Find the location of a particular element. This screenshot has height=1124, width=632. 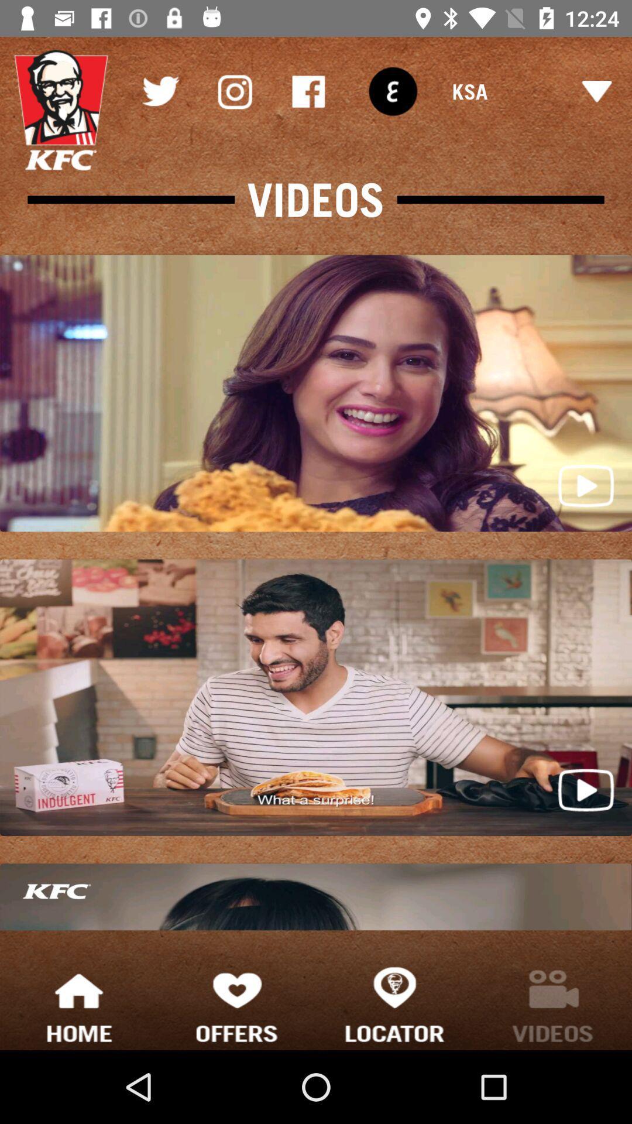

ksa item is located at coordinates (532, 91).